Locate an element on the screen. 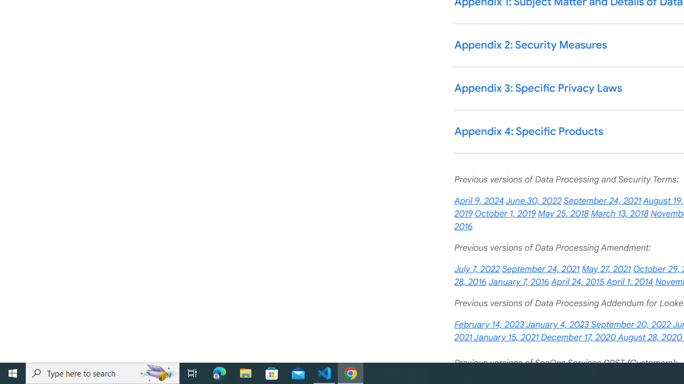  'May 25, 2018' is located at coordinates (563, 214).